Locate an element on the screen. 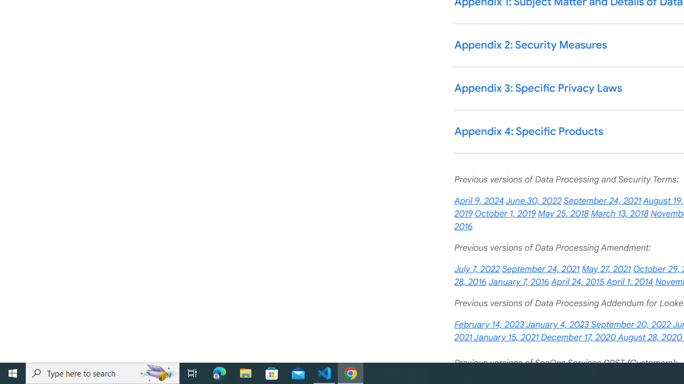  'May 25, 2018' is located at coordinates (563, 214).